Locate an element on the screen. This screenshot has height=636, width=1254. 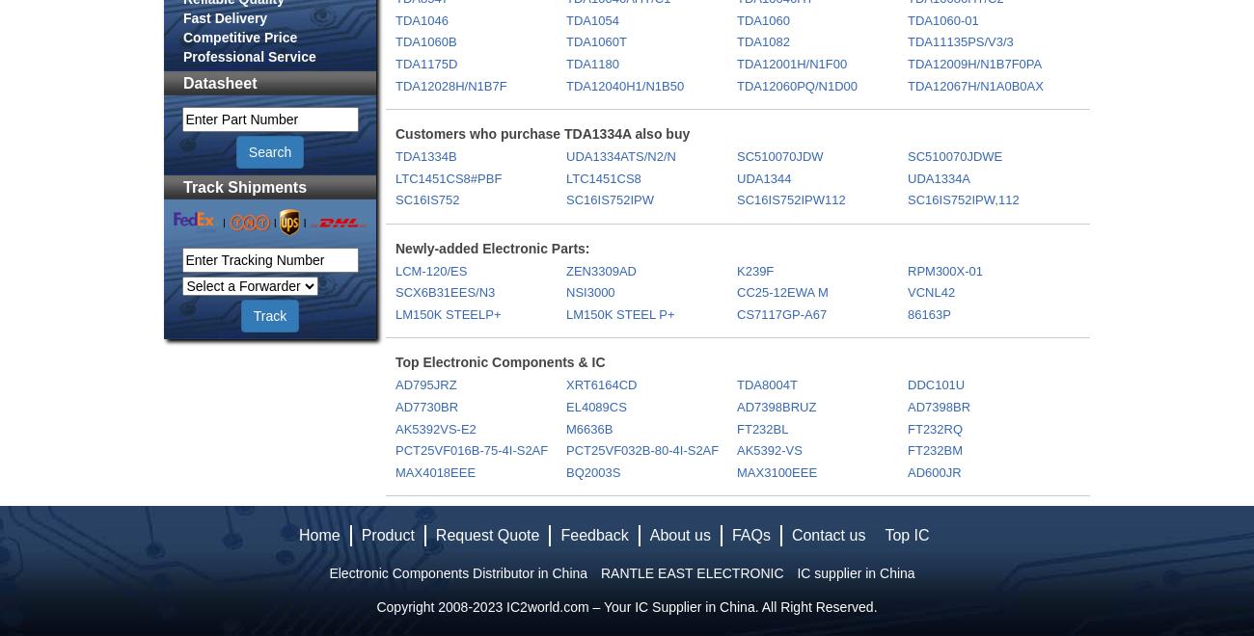
'IC supplier in China' is located at coordinates (854, 571).